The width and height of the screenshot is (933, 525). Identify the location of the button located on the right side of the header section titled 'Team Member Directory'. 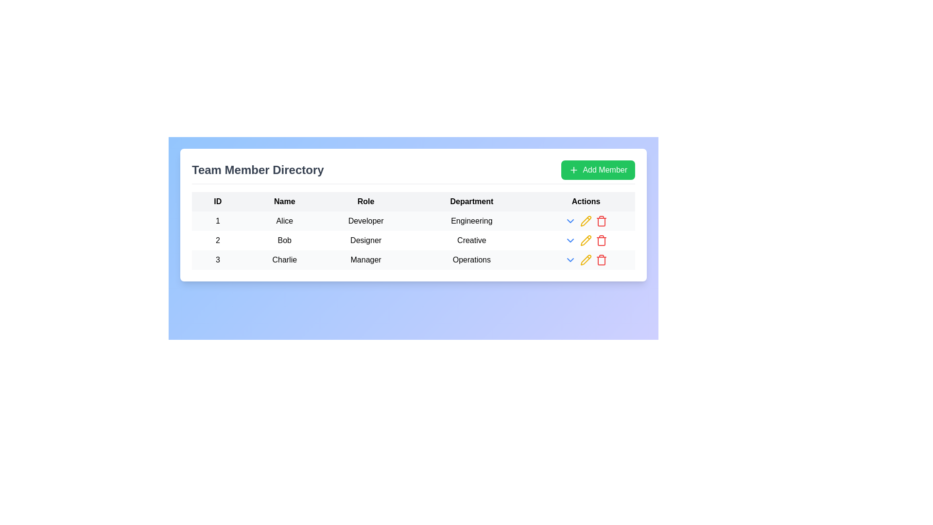
(598, 170).